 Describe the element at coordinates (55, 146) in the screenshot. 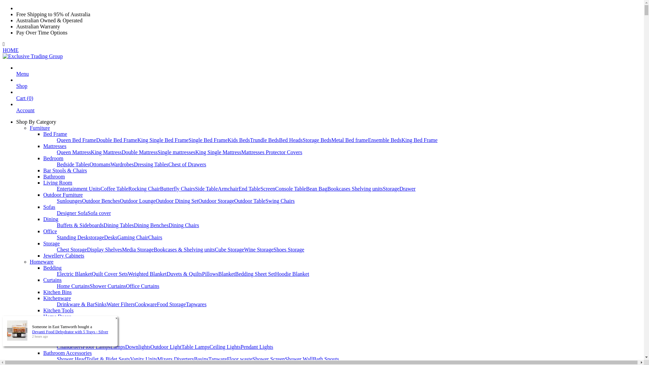

I see `'Mattresses'` at that location.